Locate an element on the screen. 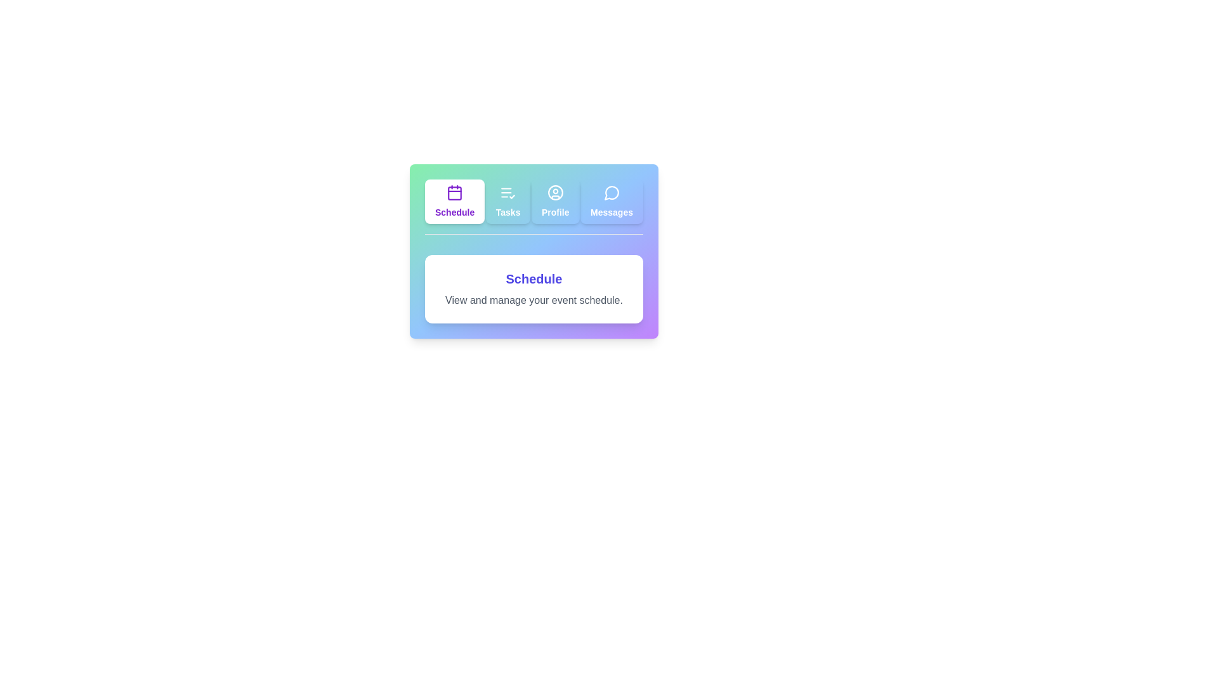 This screenshot has width=1218, height=685. the tab labeled Messages to select it is located at coordinates (612, 200).